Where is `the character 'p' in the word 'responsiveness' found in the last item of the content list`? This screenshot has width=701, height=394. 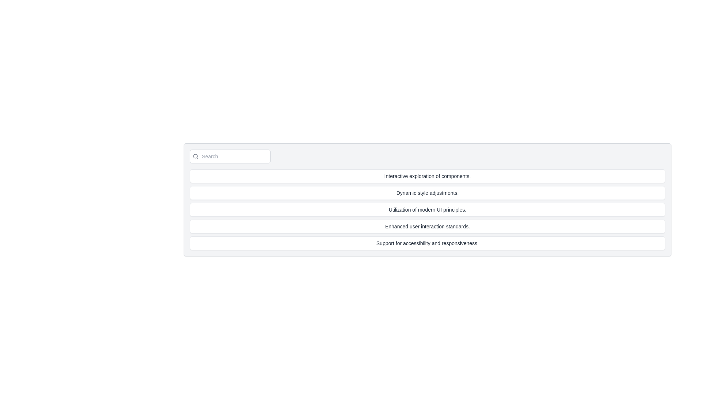 the character 'p' in the word 'responsiveness' found in the last item of the content list is located at coordinates (450, 243).